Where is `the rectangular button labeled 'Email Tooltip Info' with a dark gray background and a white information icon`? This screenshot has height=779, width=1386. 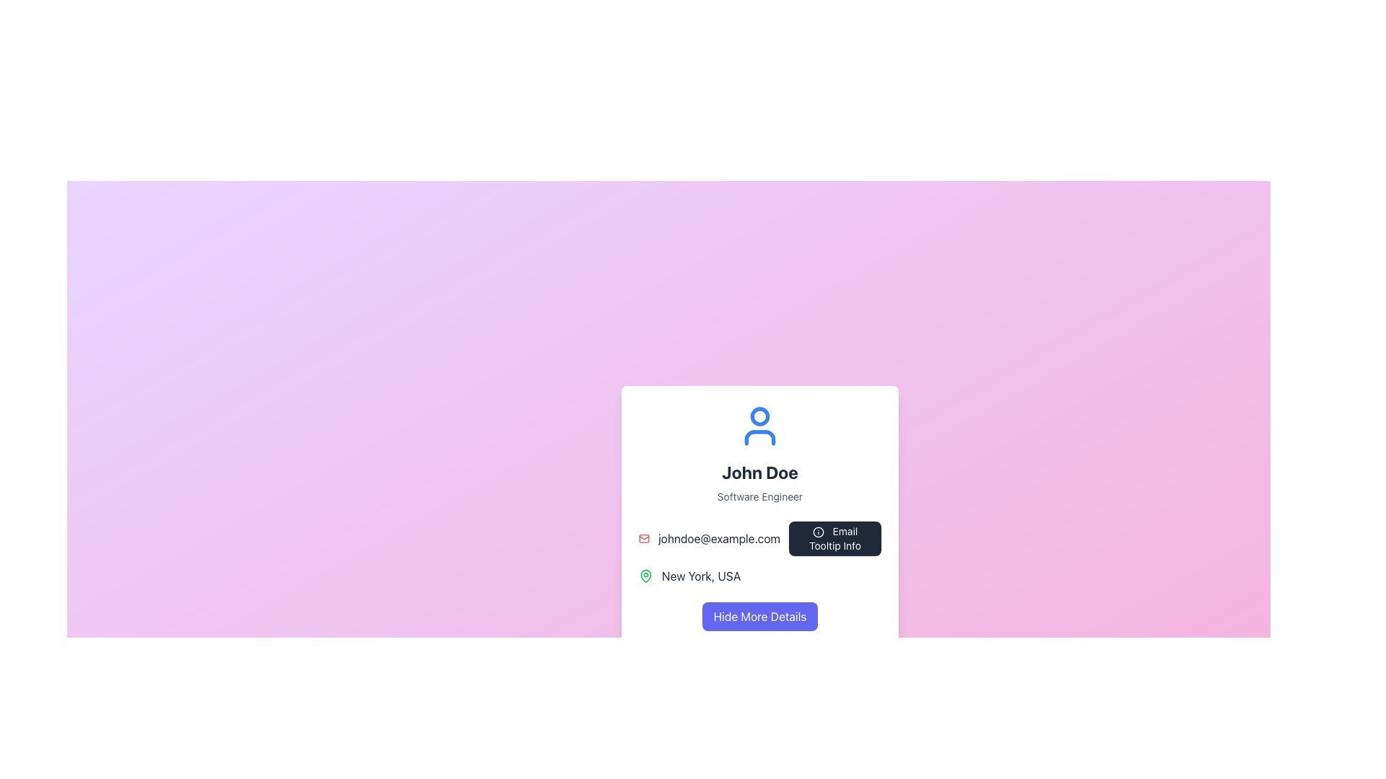
the rectangular button labeled 'Email Tooltip Info' with a dark gray background and a white information icon is located at coordinates (834, 539).